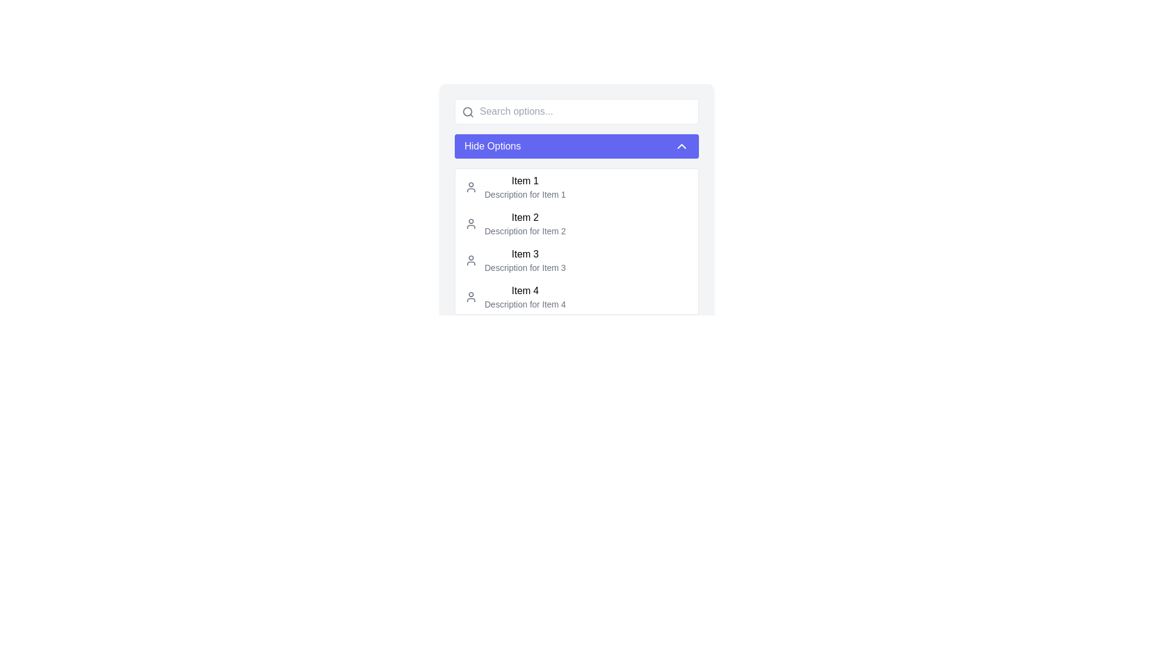 The width and height of the screenshot is (1172, 659). Describe the element at coordinates (525, 187) in the screenshot. I see `the first selectable list item located directly below the 'Hide Options' header, which includes a title and a descriptive subtitle` at that location.